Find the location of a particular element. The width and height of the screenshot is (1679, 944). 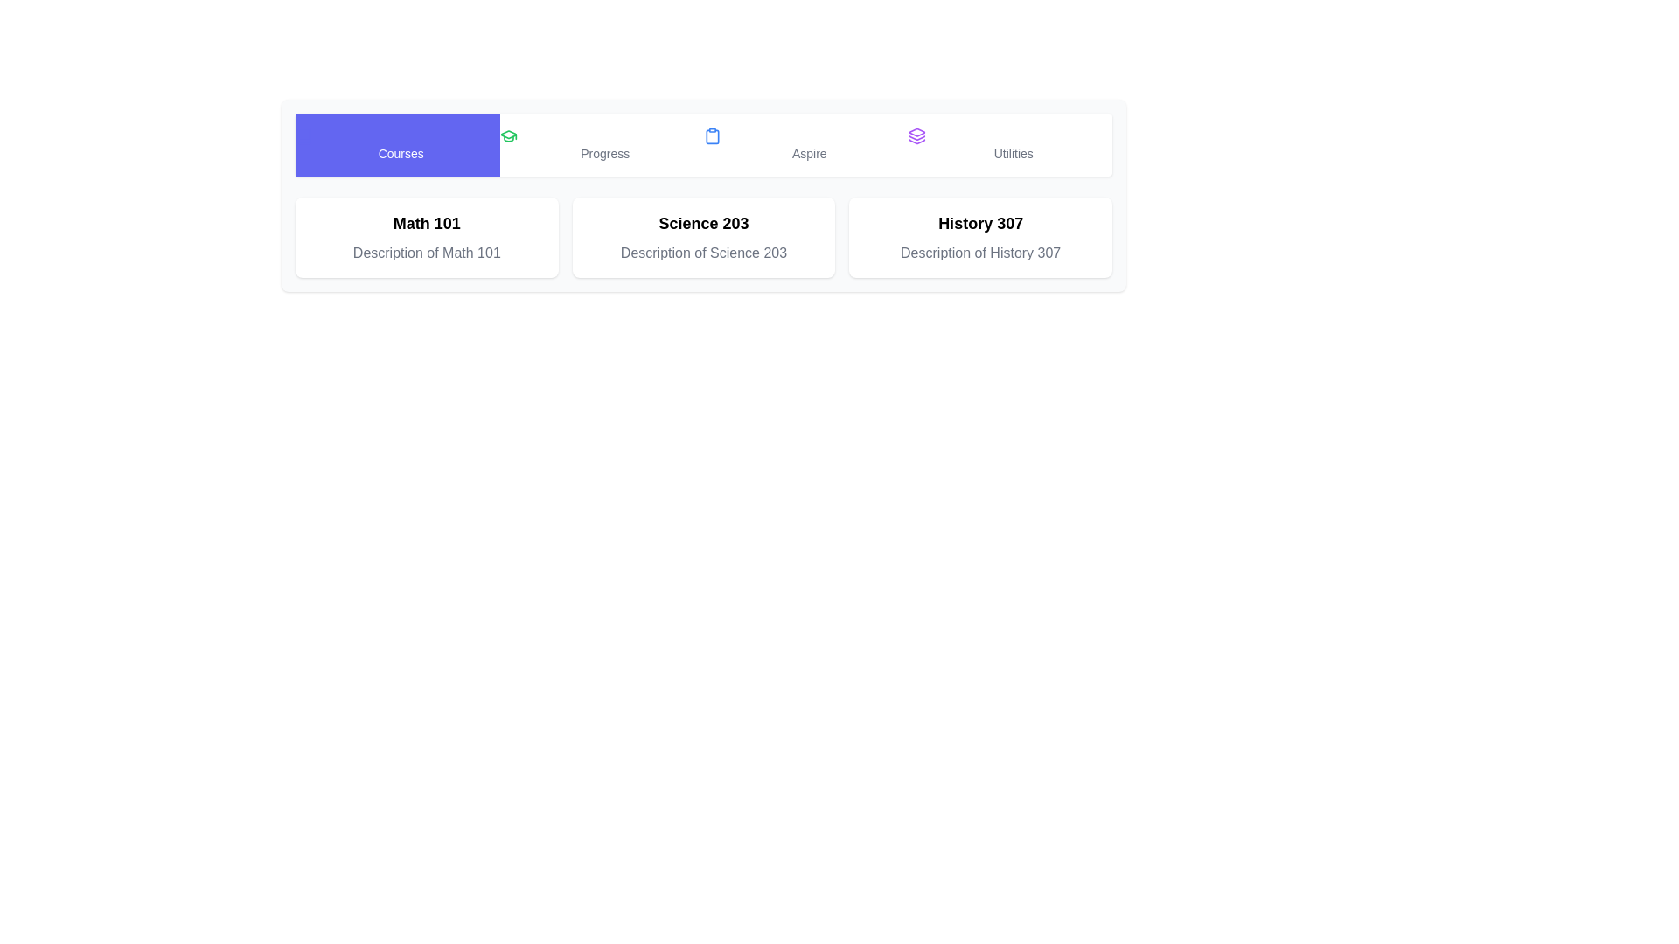

text label that displays 'History 307', which is in bold, large font and positioned at the top of a card layout above the description text is located at coordinates (980, 222).